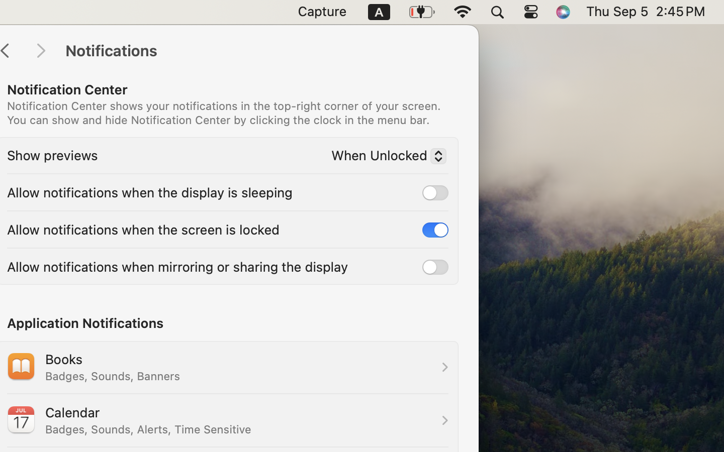 This screenshot has height=452, width=724. Describe the element at coordinates (384, 157) in the screenshot. I see `'When Unlocked'` at that location.